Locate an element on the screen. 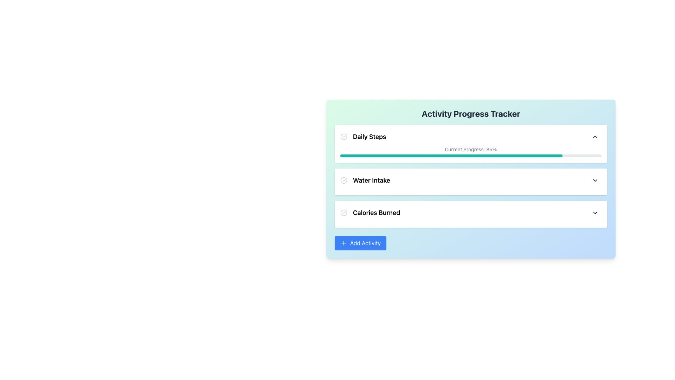 This screenshot has width=675, height=380. the Expandable panel that displays information about water intake is located at coordinates (471, 181).